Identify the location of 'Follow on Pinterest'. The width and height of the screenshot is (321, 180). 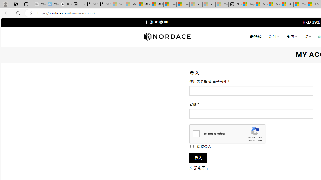
(161, 22).